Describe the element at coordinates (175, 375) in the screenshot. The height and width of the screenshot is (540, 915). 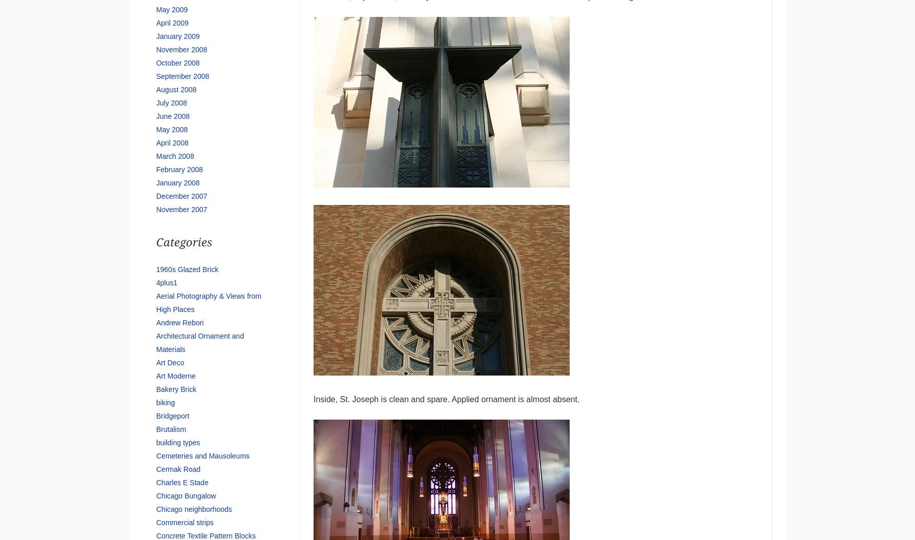
I see `'Art Moderne'` at that location.